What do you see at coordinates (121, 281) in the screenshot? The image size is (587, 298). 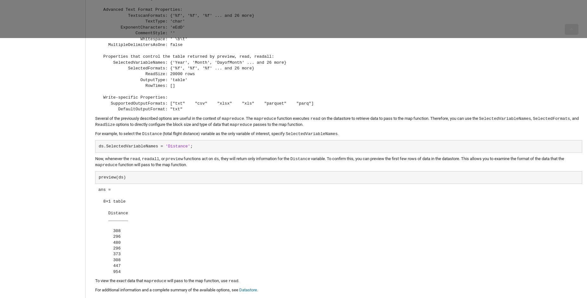 I see `'exact'` at bounding box center [121, 281].